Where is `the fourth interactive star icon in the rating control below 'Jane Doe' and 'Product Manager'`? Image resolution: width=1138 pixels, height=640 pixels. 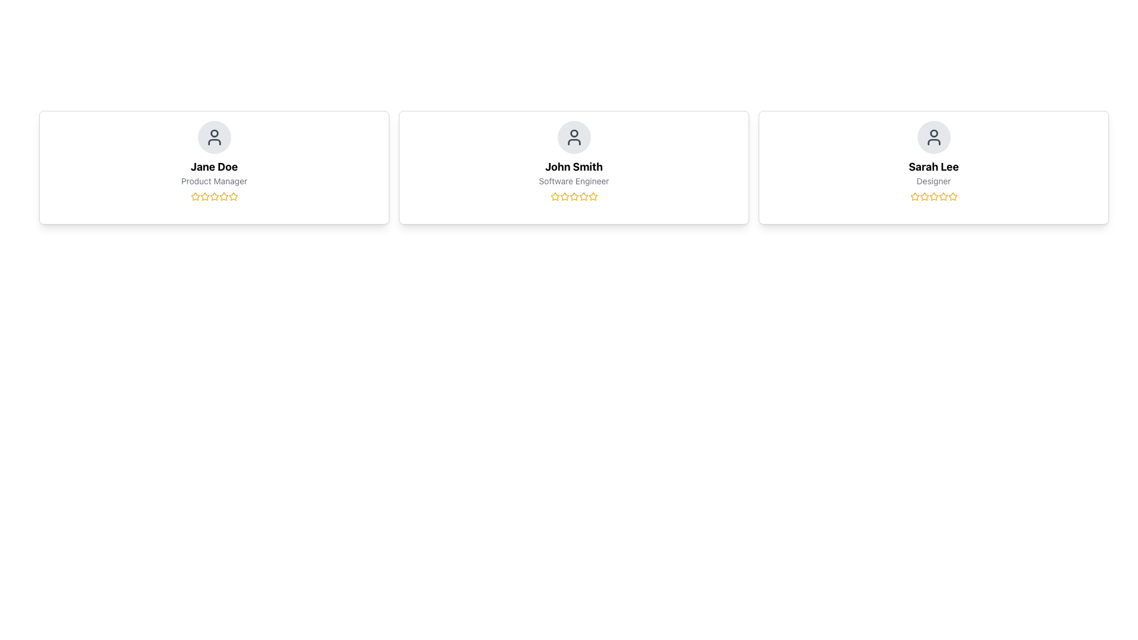 the fourth interactive star icon in the rating control below 'Jane Doe' and 'Product Manager' is located at coordinates (214, 196).